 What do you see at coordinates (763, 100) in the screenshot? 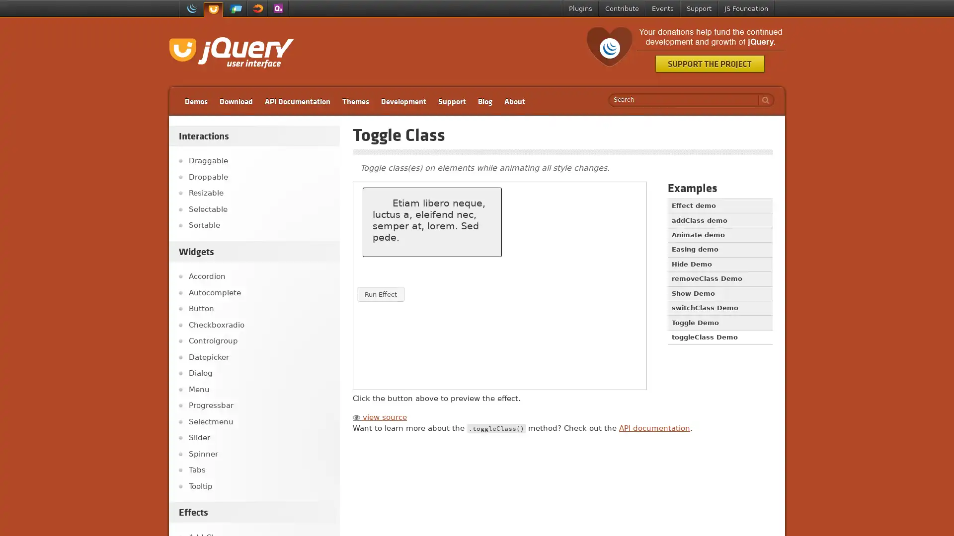
I see `search` at bounding box center [763, 100].